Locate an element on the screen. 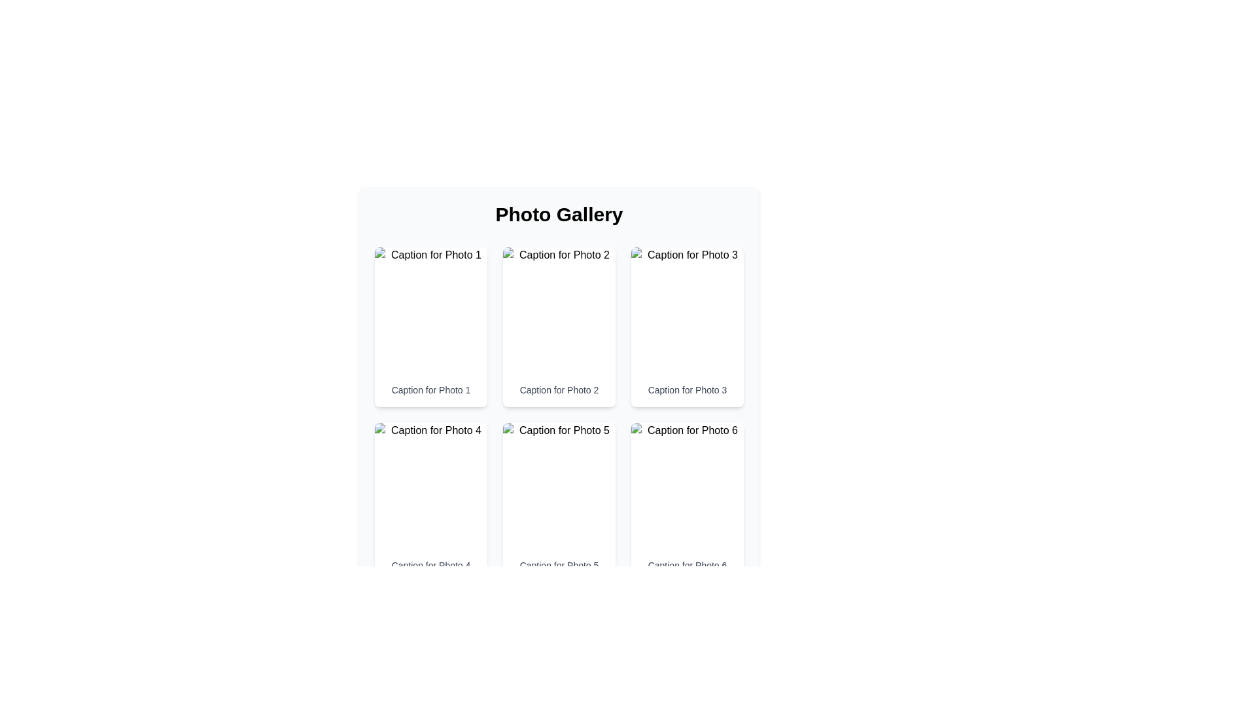  the text label displaying 'Caption for Photo 5' located in the middle column of the second row of a grid-based gallery layout is located at coordinates (559, 565).